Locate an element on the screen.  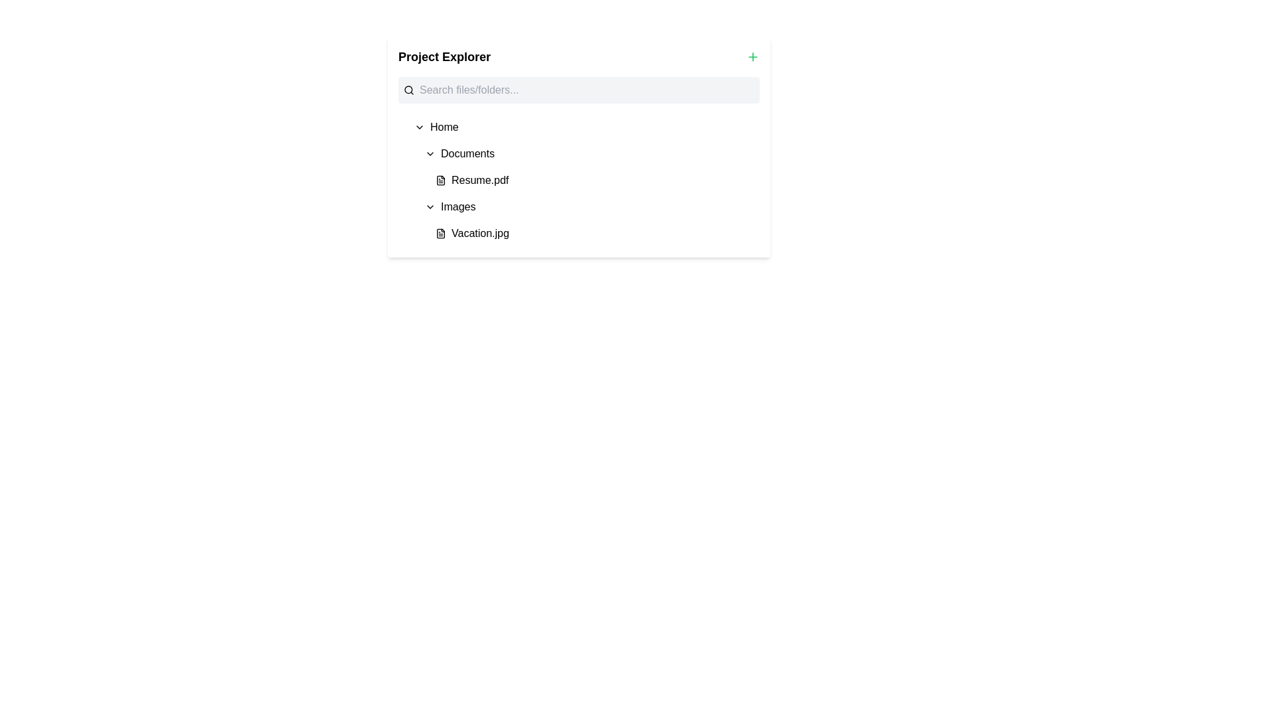
the selectable text display for the file named 'Resume.pdf' located in the 'Documents' folder is located at coordinates (479, 181).